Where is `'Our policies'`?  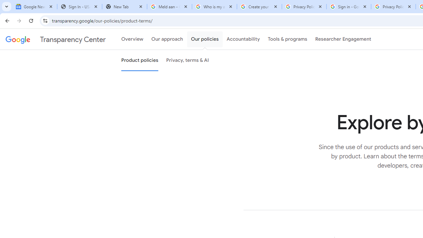 'Our policies' is located at coordinates (205, 39).